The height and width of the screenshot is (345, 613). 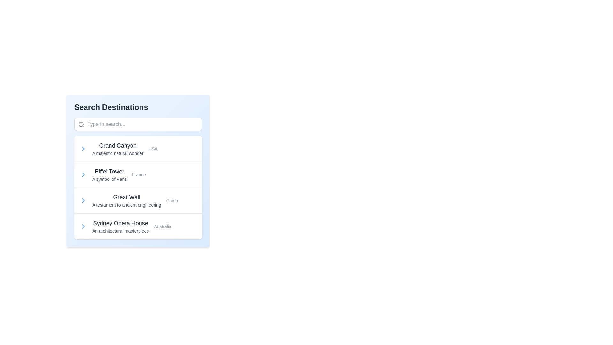 What do you see at coordinates (111, 107) in the screenshot?
I see `the 'Search Destinations' text label, which is styled in a bold font and serves as a prominent heading above the search input field` at bounding box center [111, 107].